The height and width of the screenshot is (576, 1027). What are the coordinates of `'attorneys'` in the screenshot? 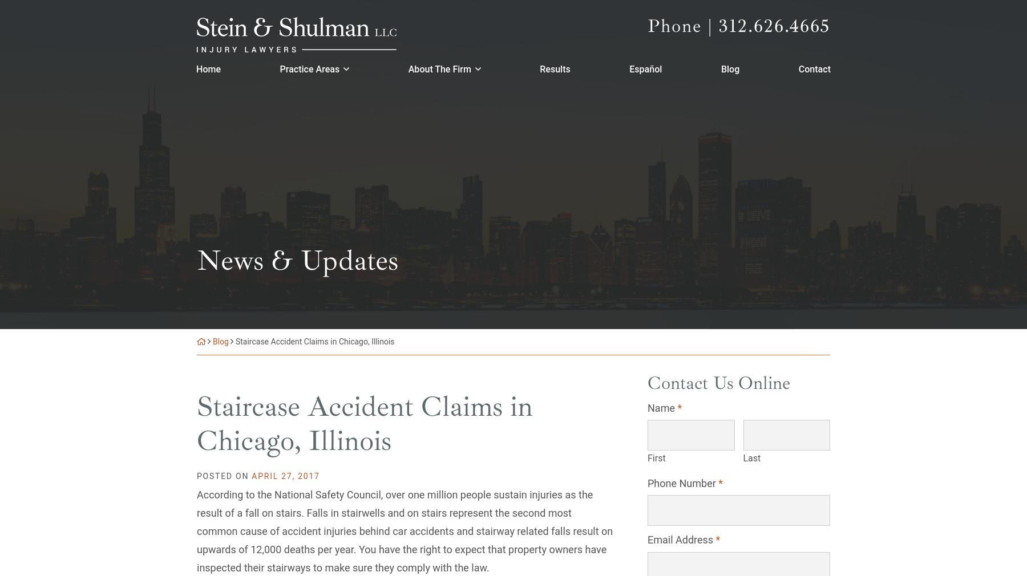 It's located at (333, 143).